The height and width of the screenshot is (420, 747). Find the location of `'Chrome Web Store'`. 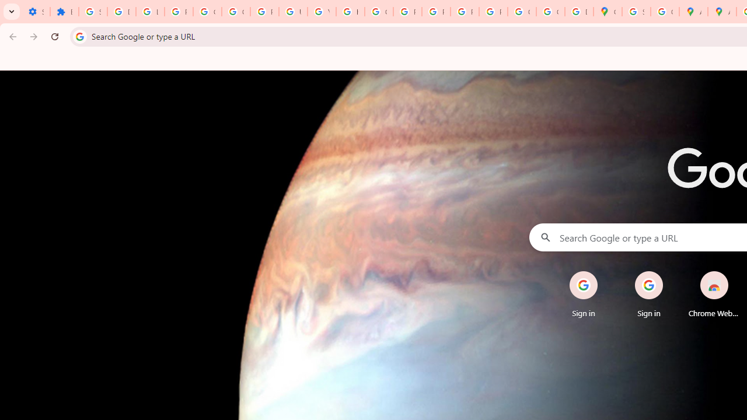

'Chrome Web Store' is located at coordinates (713, 294).